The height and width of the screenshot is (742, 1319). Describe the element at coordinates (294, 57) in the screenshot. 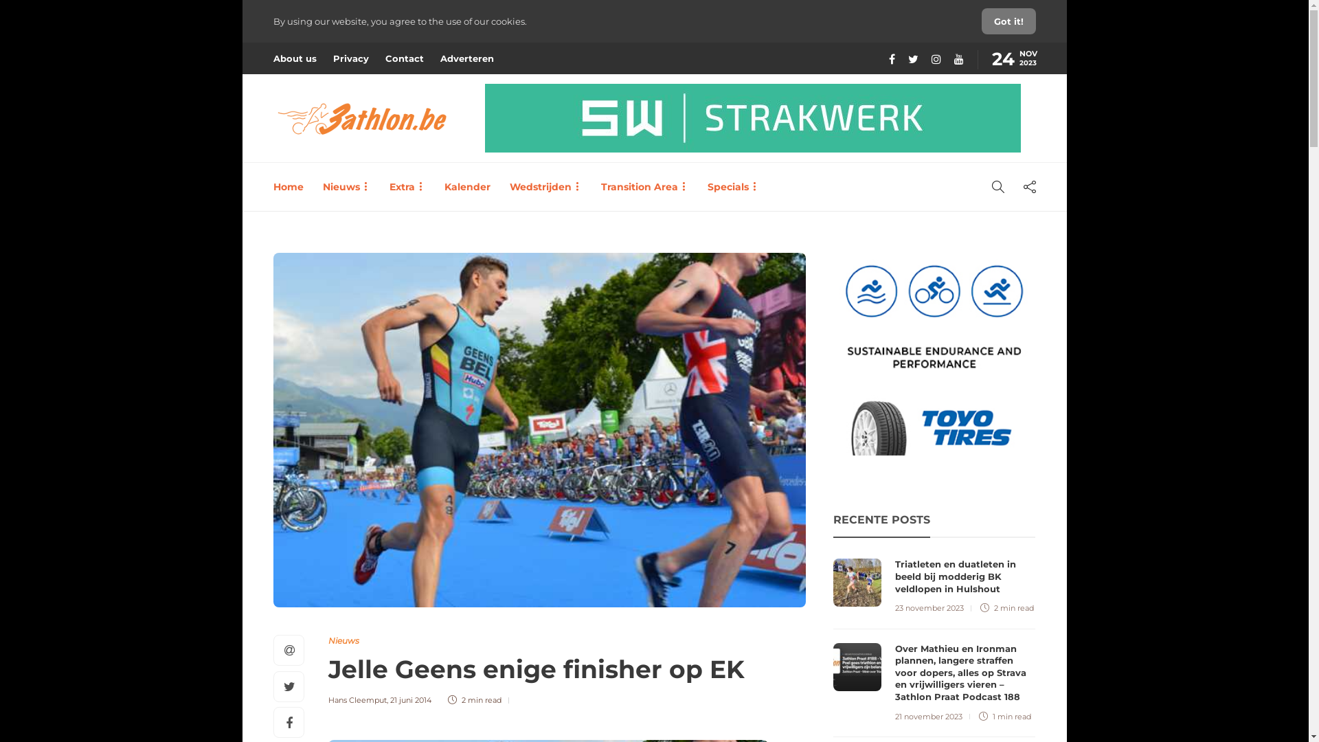

I see `'About us'` at that location.